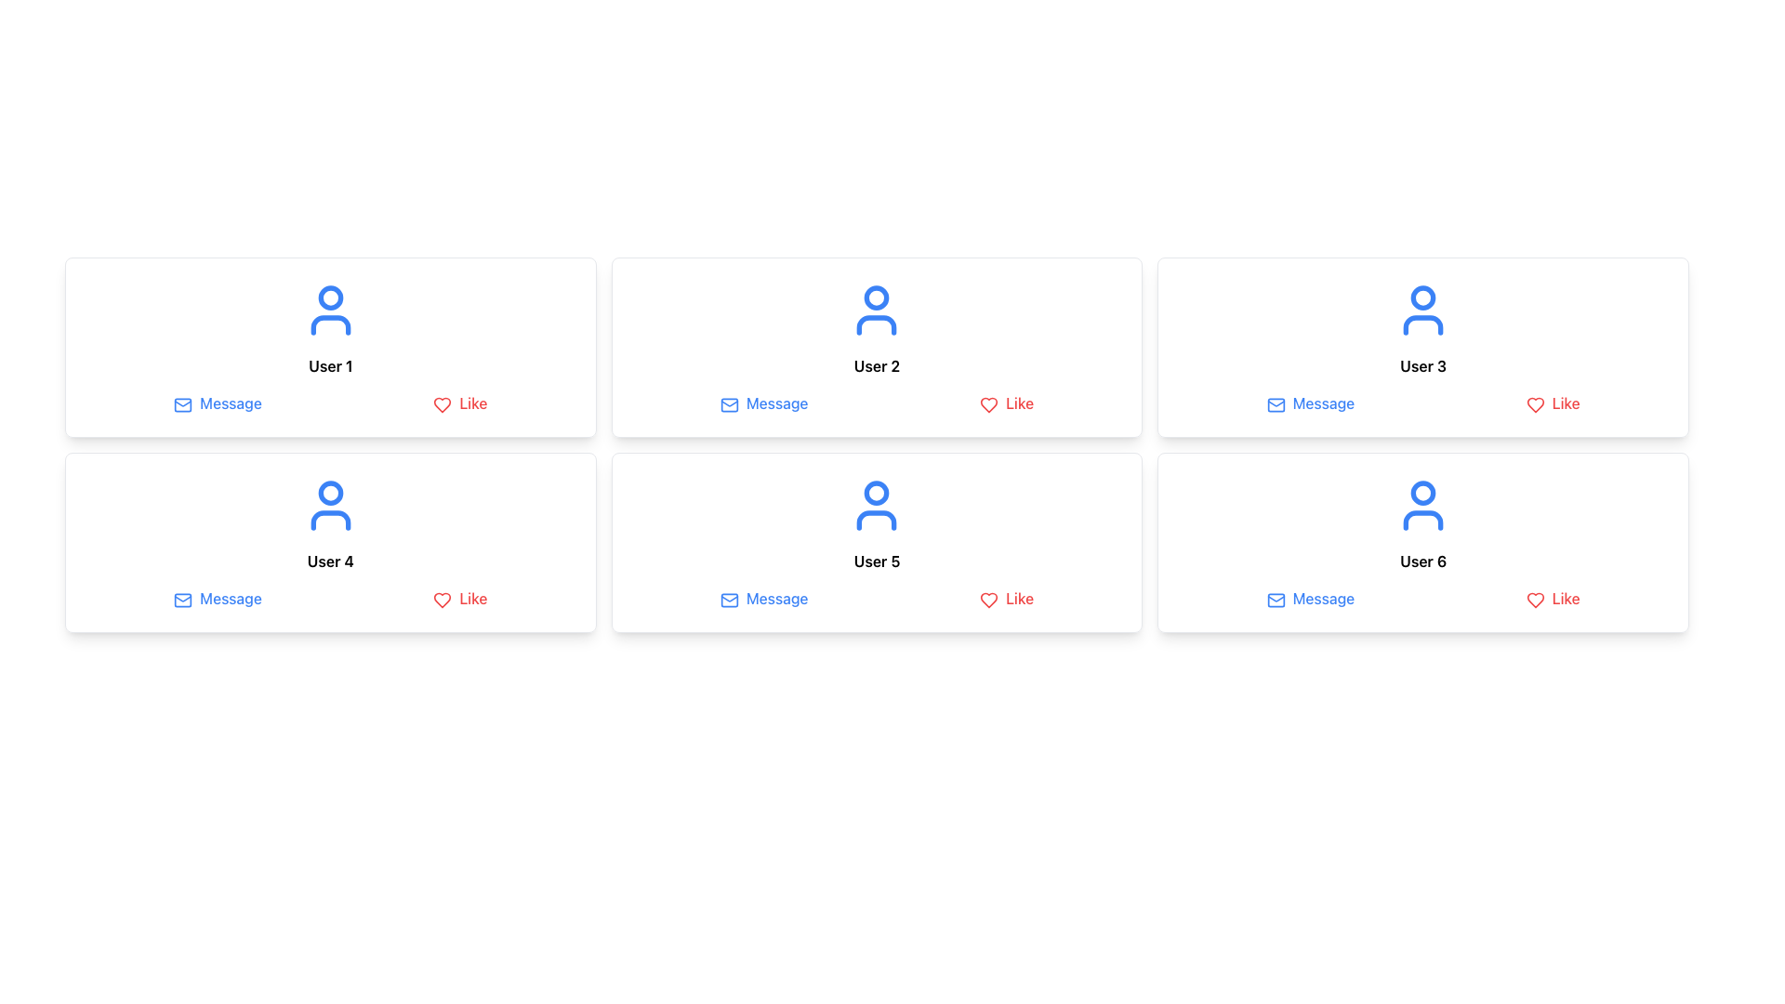 This screenshot has width=1785, height=1004. What do you see at coordinates (1309, 403) in the screenshot?
I see `the messaging link for 'User 3' located at the bottom left corner of the card` at bounding box center [1309, 403].